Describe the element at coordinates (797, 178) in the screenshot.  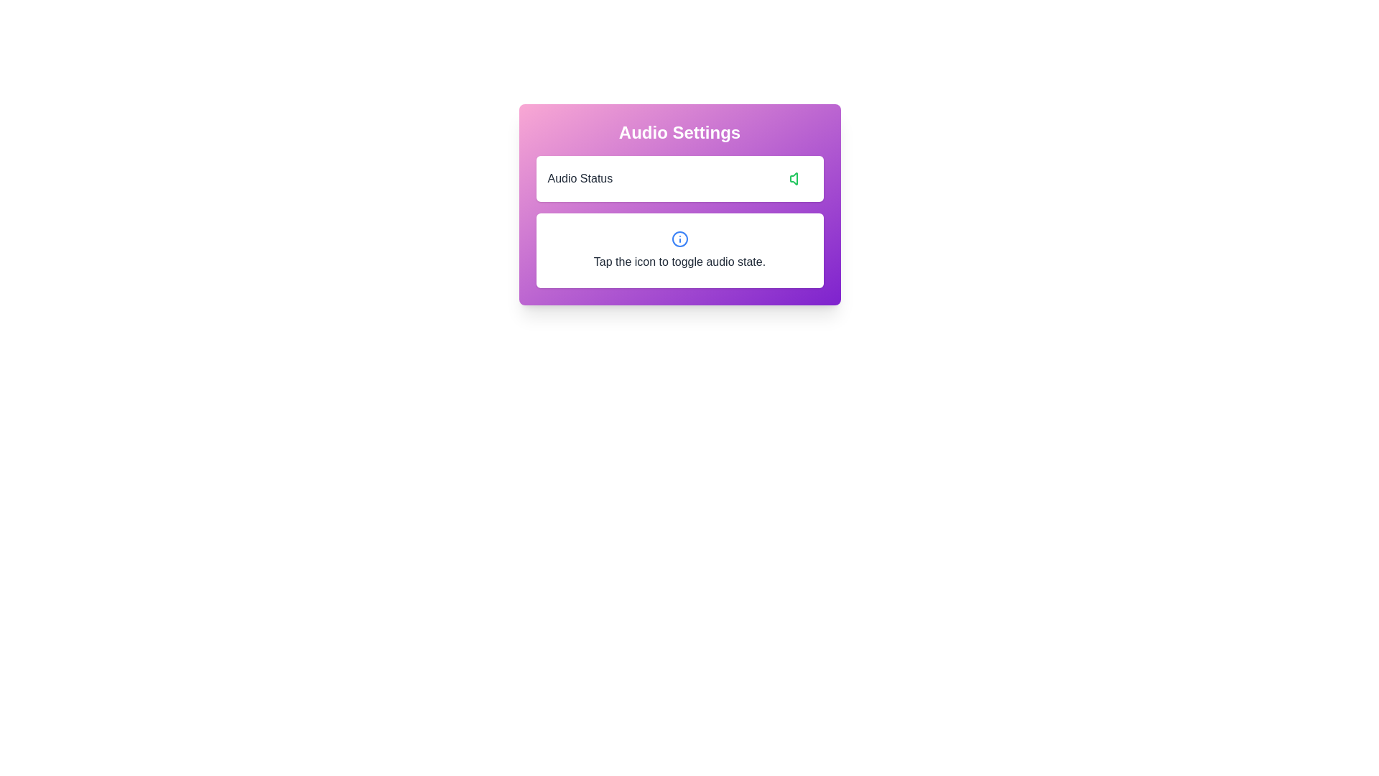
I see `the toggle audio button to change the audio state` at that location.